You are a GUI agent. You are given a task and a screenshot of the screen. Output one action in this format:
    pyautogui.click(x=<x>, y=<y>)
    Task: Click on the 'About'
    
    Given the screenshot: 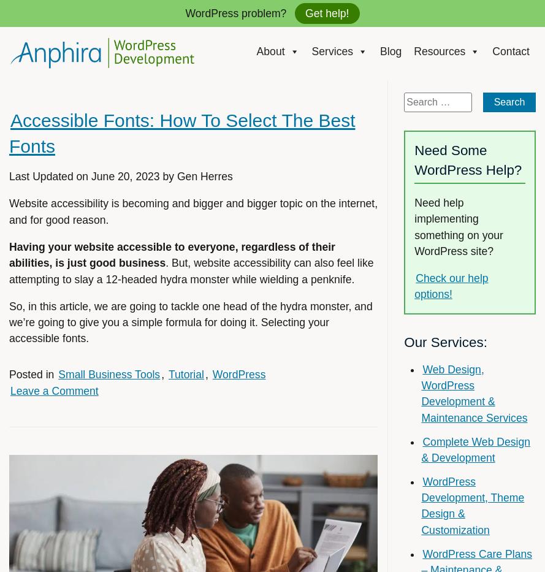 What is the action you would take?
    pyautogui.click(x=270, y=51)
    